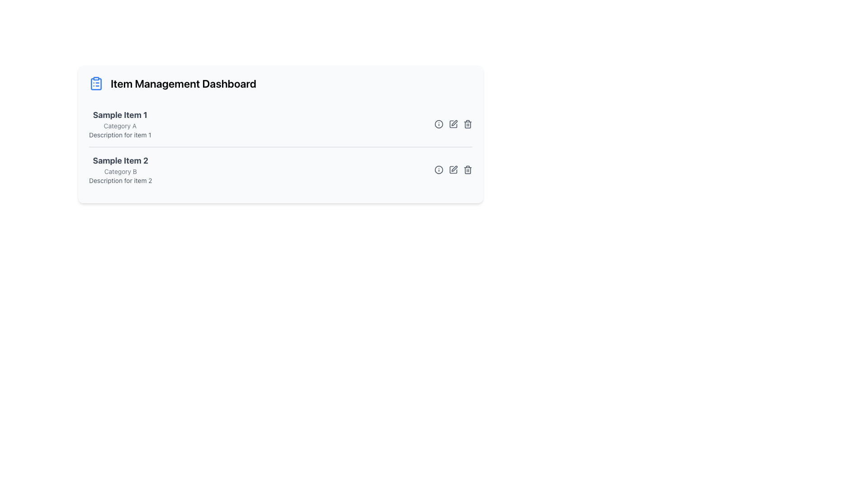 The image size is (868, 488). What do you see at coordinates (468, 124) in the screenshot?
I see `the delete icon, which is a gray trash bin located to the far right of 'Sample Item 2'` at bounding box center [468, 124].